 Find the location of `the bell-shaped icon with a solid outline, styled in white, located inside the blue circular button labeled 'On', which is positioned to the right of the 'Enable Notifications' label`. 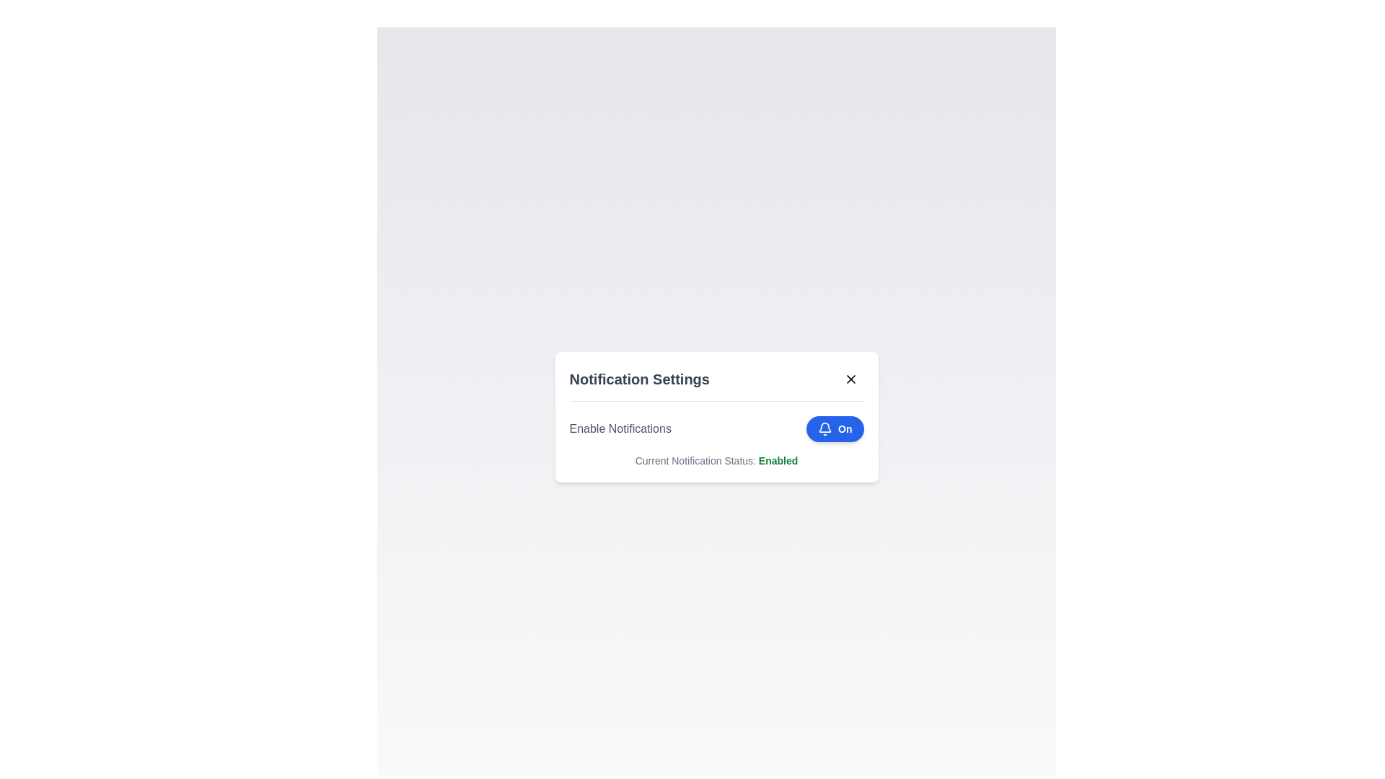

the bell-shaped icon with a solid outline, styled in white, located inside the blue circular button labeled 'On', which is positioned to the right of the 'Enable Notifications' label is located at coordinates (825, 428).